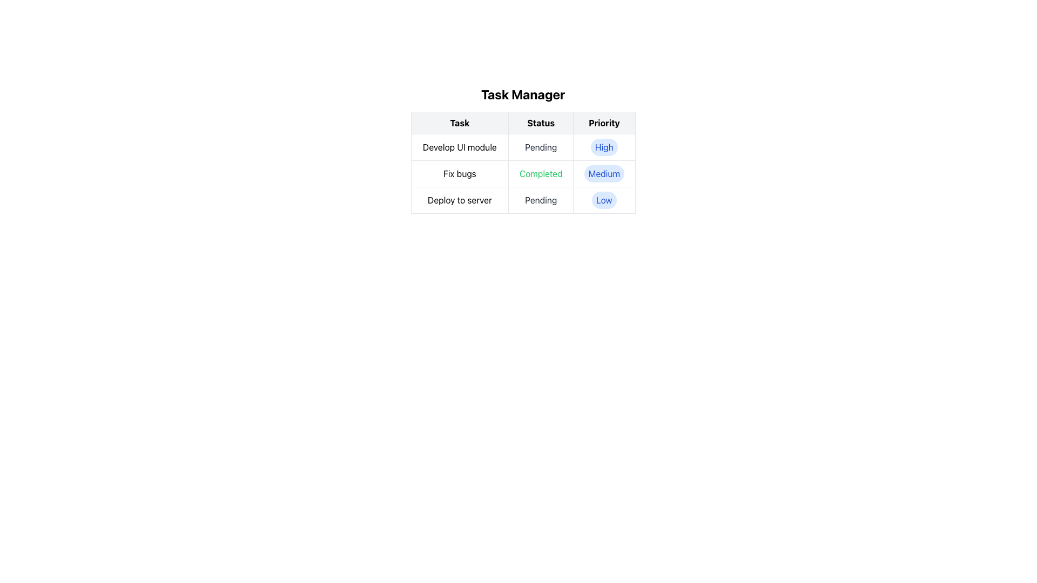 This screenshot has width=1037, height=583. Describe the element at coordinates (460, 200) in the screenshot. I see `the Text Display element that represents a task name in the task management system, located in the first cell of the third row under the 'Task' column` at that location.